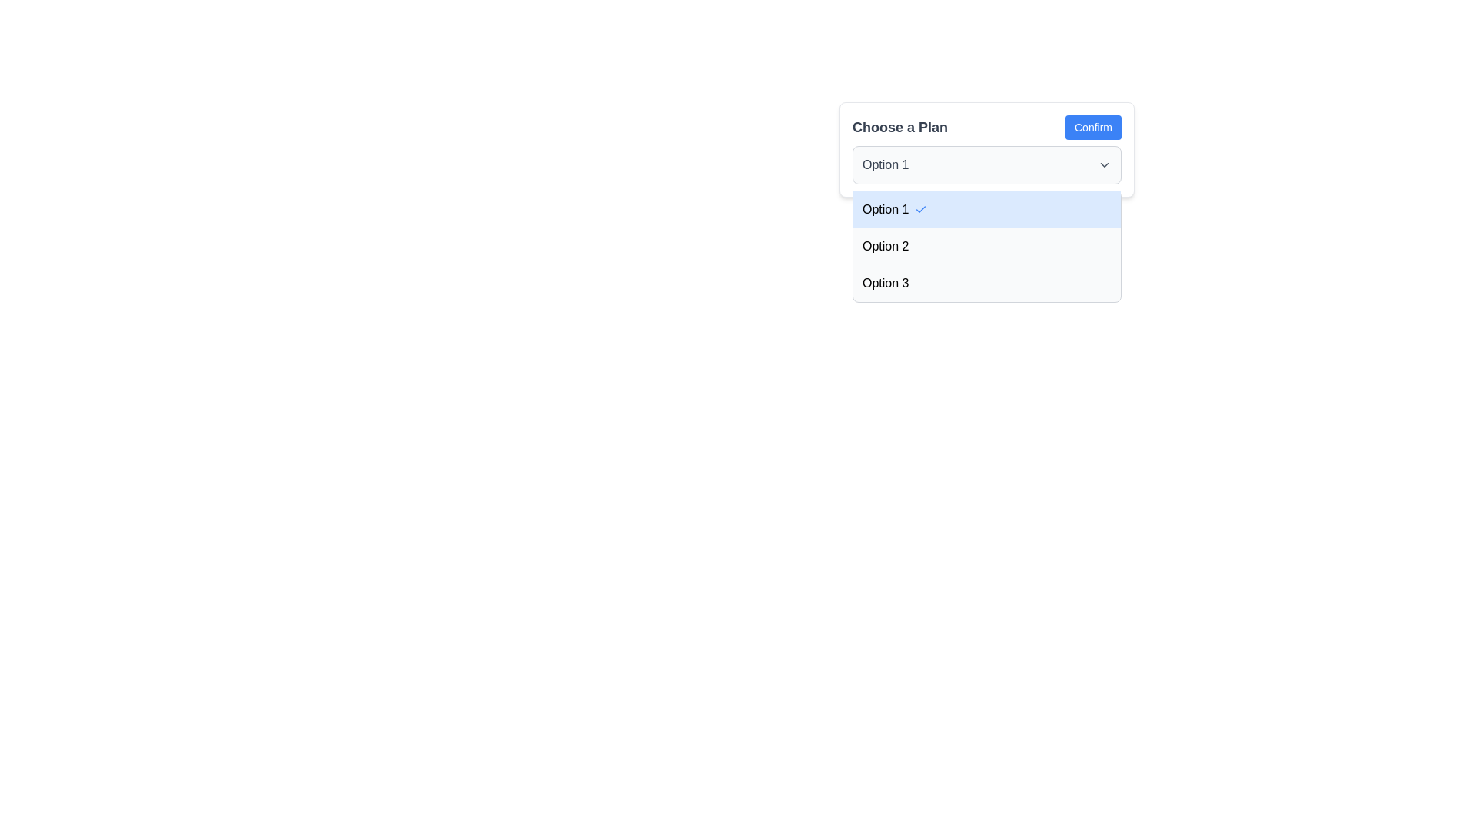 The width and height of the screenshot is (1476, 830). Describe the element at coordinates (986, 165) in the screenshot. I see `an option from the dropdown menu labeled 'Choose a Plan', which currently displays 'Option 1'` at that location.